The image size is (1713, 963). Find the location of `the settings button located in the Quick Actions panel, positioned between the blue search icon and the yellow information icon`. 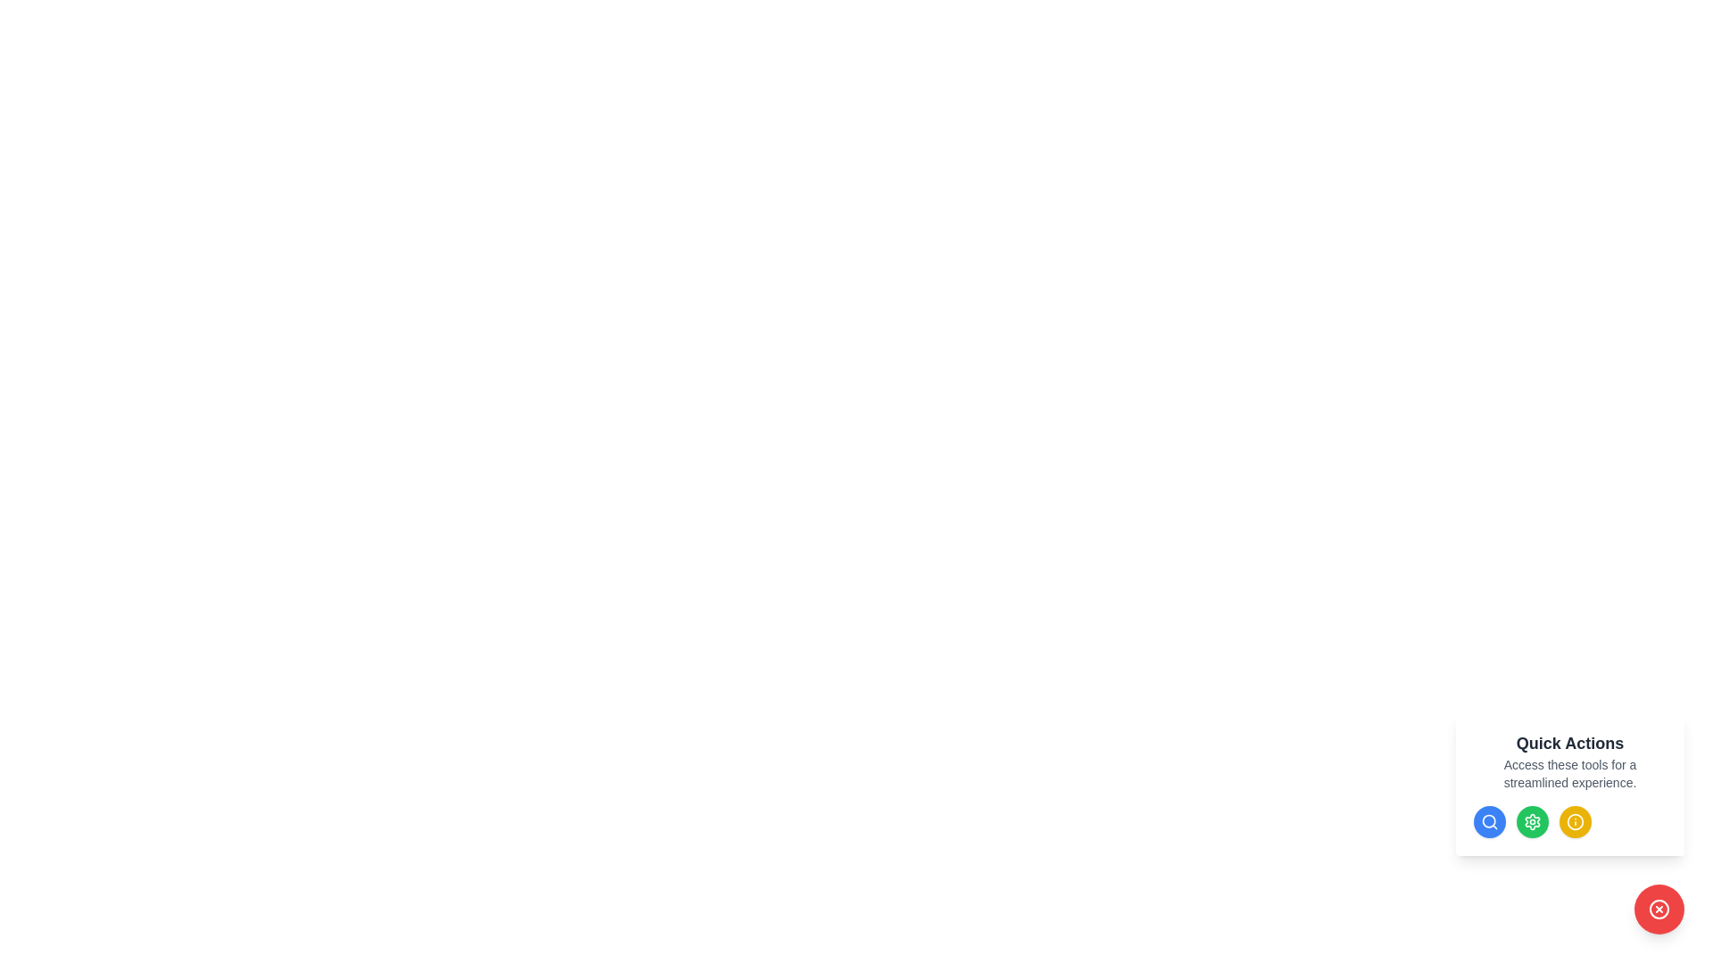

the settings button located in the Quick Actions panel, positioned between the blue search icon and the yellow information icon is located at coordinates (1532, 821).